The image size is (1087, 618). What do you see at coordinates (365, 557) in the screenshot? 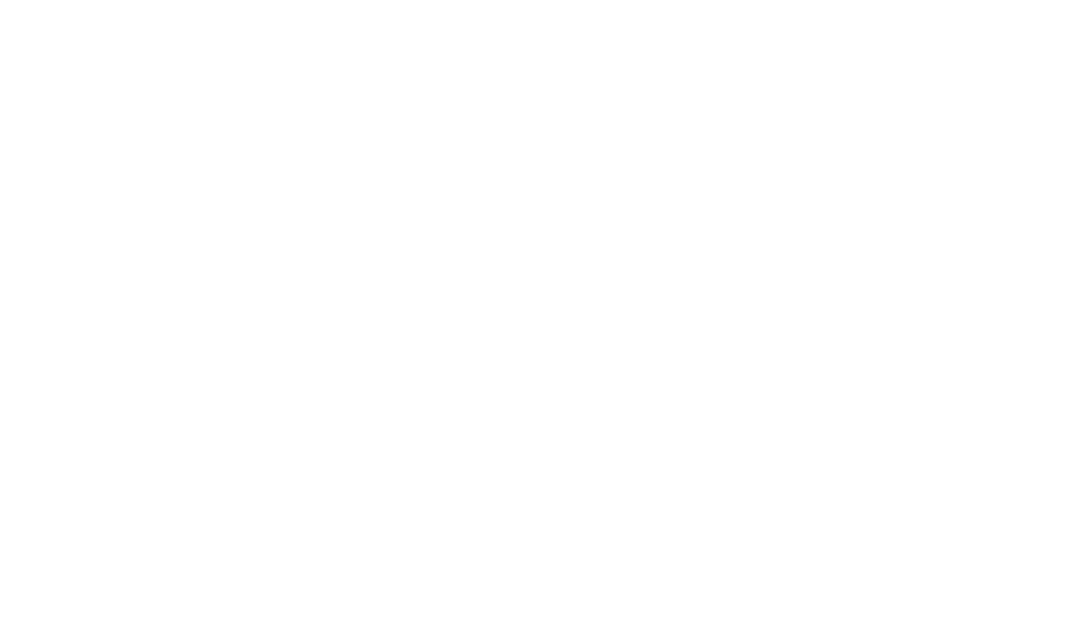
I see `'To end the year Joe has been working on a new range of fine Cider and Perry-'` at bounding box center [365, 557].